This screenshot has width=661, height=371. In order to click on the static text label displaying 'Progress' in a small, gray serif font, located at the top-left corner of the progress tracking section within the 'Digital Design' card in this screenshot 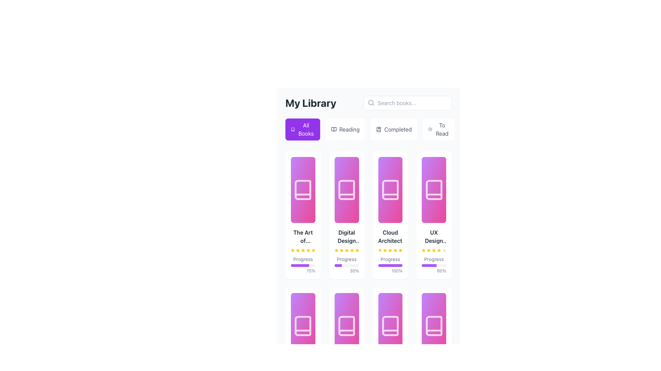, I will do `click(347, 259)`.